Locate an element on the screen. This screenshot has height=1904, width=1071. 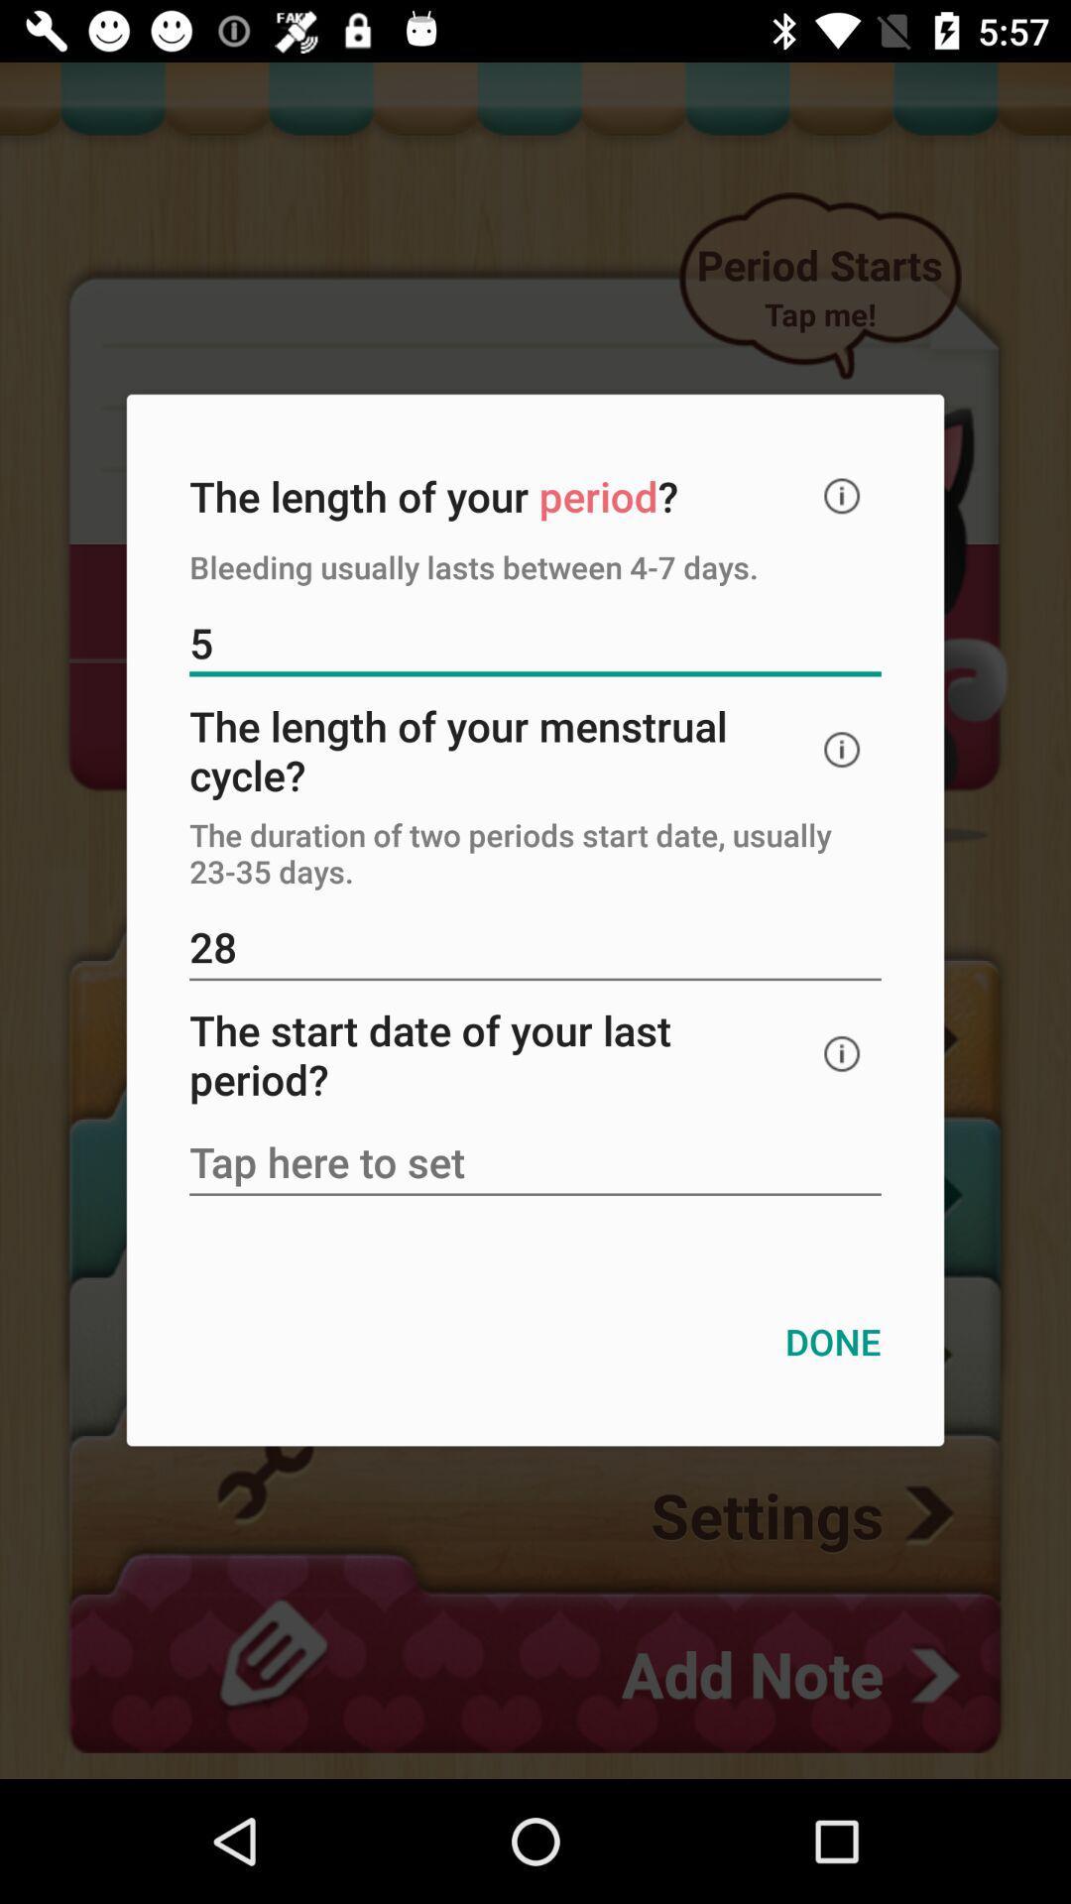
get info about prompt is located at coordinates (842, 496).